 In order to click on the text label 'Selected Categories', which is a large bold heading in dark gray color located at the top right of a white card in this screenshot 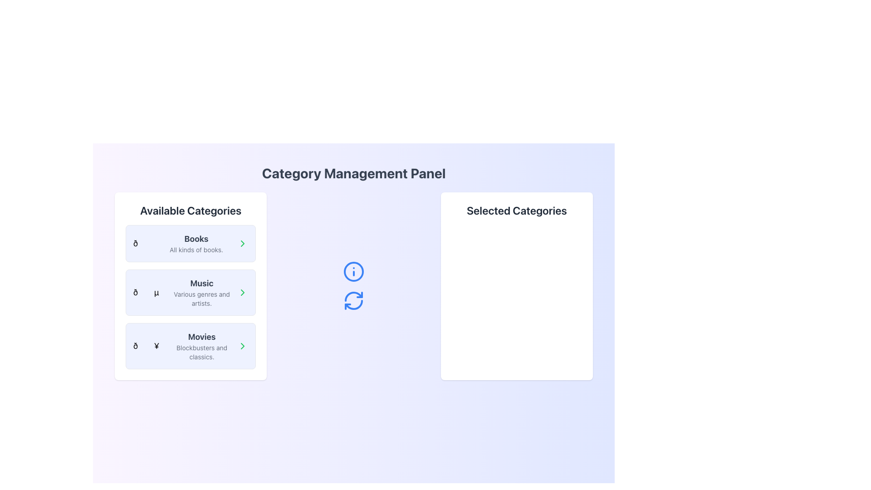, I will do `click(517, 210)`.